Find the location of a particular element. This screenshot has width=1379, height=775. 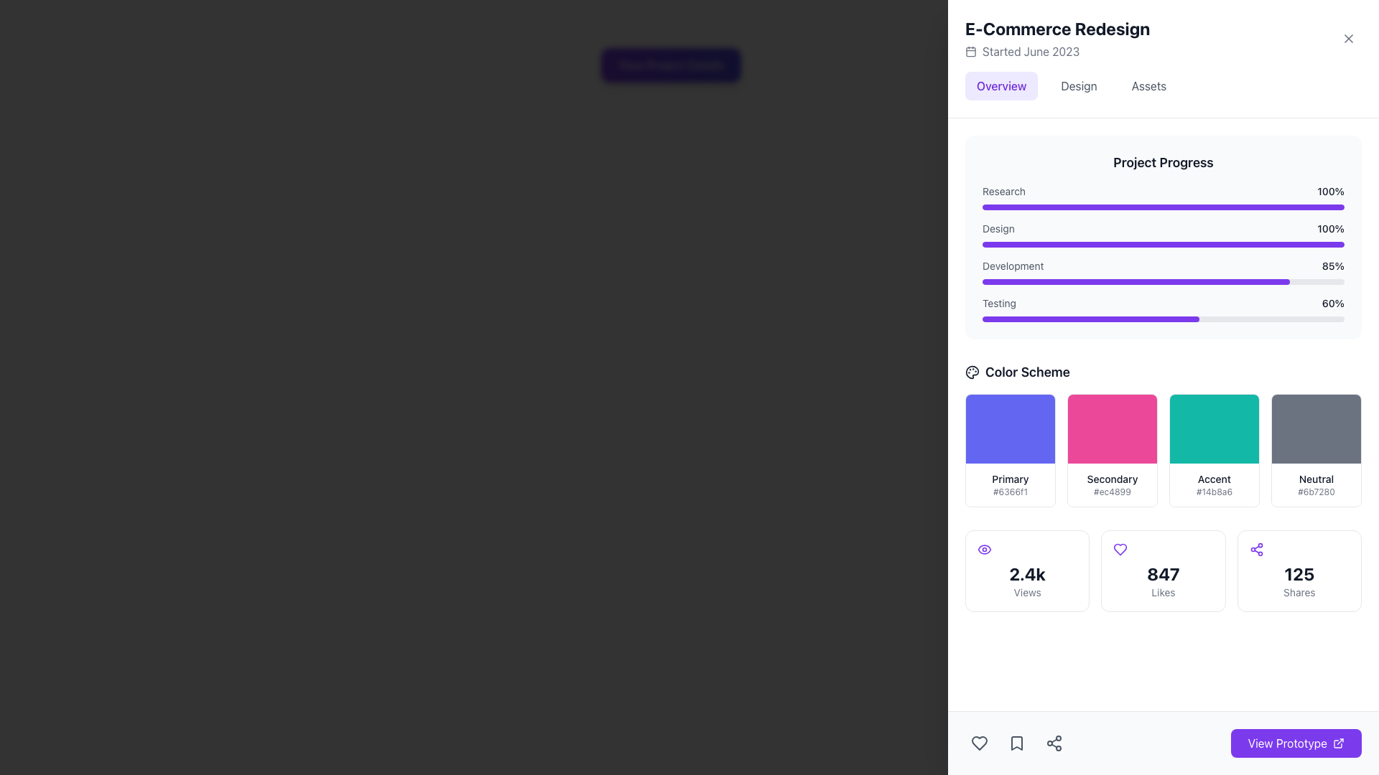

label 'Research' and the percentage '100%' from the fully filled purple progress bar, which is the first item under the 'Project Progress' header is located at coordinates (1164, 197).